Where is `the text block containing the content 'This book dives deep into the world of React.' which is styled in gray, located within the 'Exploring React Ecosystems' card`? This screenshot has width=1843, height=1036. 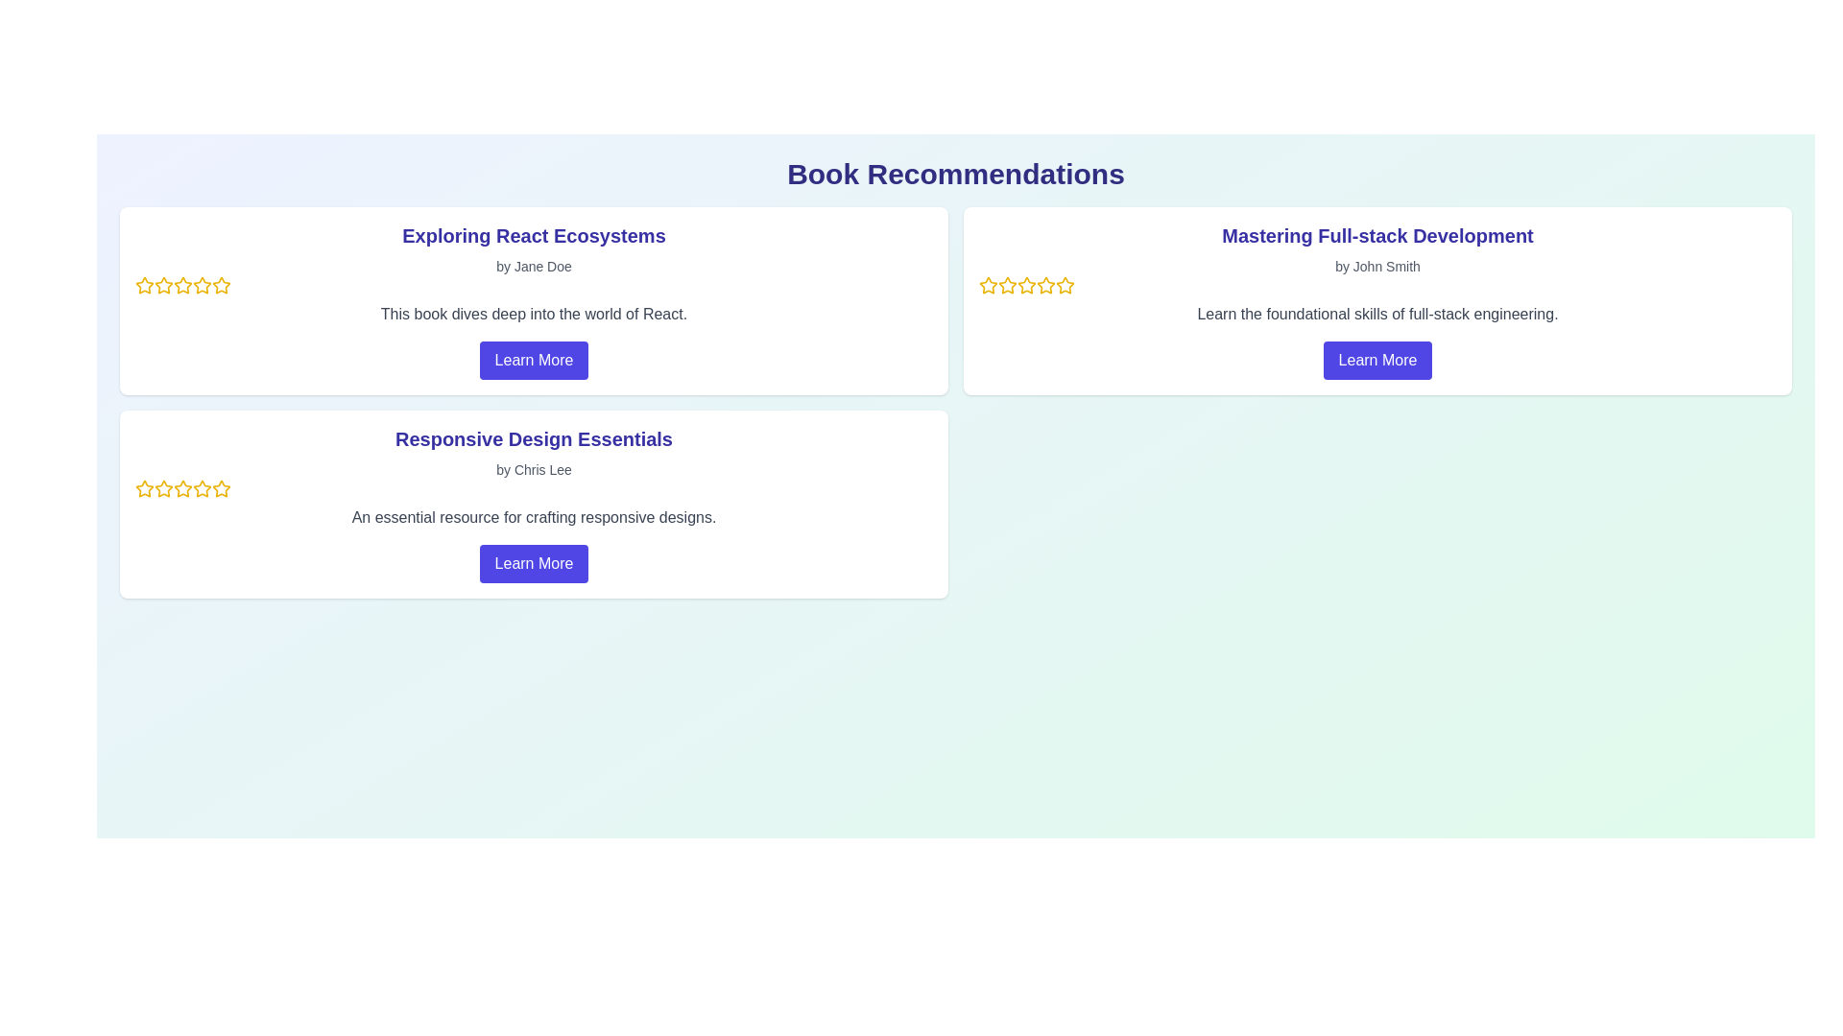
the text block containing the content 'This book dives deep into the world of React.' which is styled in gray, located within the 'Exploring React Ecosystems' card is located at coordinates (534, 313).